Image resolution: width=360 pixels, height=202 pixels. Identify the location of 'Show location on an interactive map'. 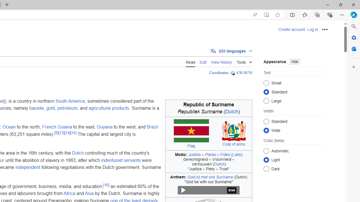
(233, 73).